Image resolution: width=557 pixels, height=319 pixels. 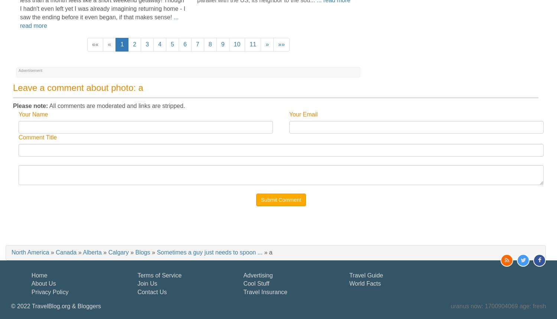 What do you see at coordinates (56, 252) in the screenshot?
I see `'Canada'` at bounding box center [56, 252].